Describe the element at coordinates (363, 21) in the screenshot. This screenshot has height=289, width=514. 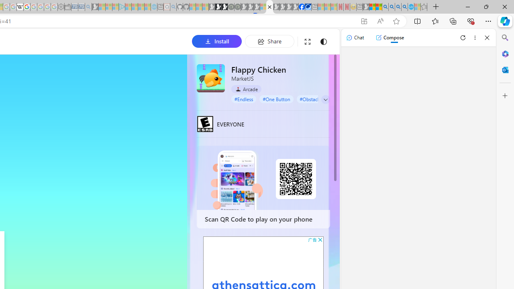
I see `'App available. Install Flappy Chicken'` at that location.